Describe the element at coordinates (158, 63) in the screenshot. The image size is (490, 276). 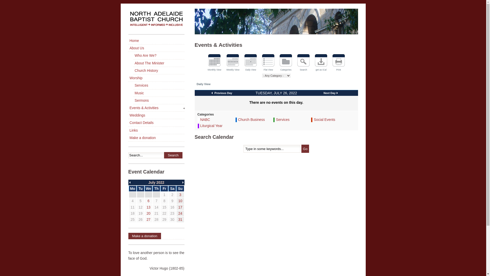
I see `'About The Minister'` at that location.